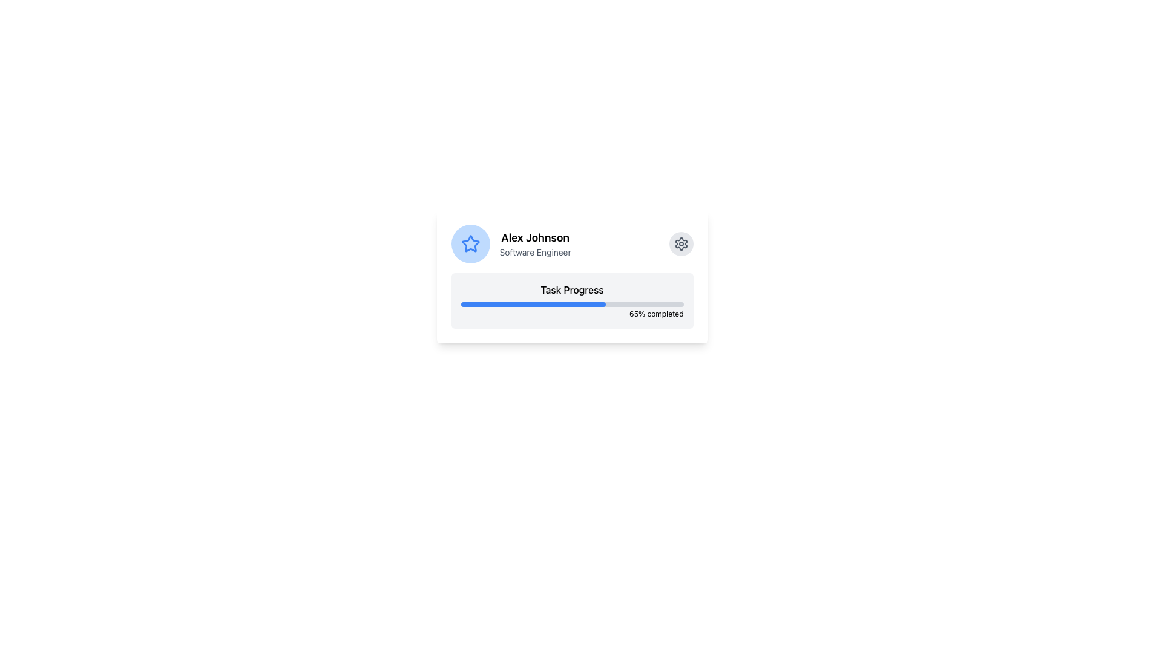 This screenshot has height=654, width=1162. What do you see at coordinates (571, 289) in the screenshot?
I see `the bold, black static text reading 'Task Progress' that is centered within a gray background box, indicating its association with a progress indicator` at bounding box center [571, 289].